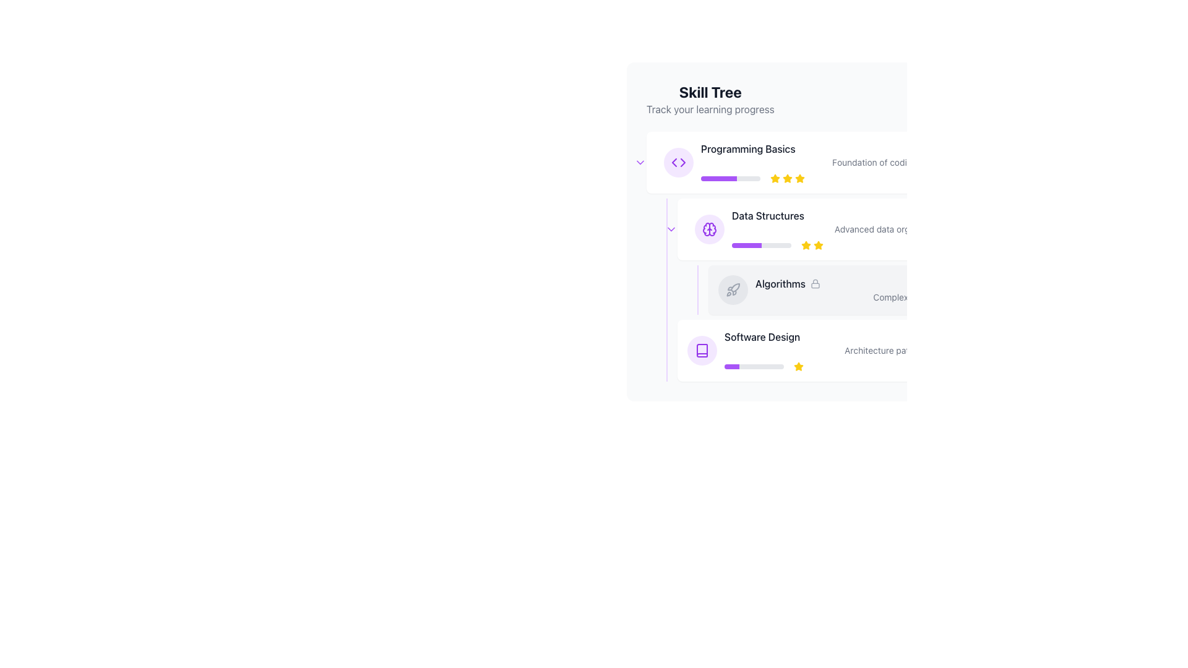 This screenshot has width=1188, height=668. What do you see at coordinates (889, 229) in the screenshot?
I see `the text label that provides additional information for the 'Data Structures' item within the Skill Tree interface` at bounding box center [889, 229].